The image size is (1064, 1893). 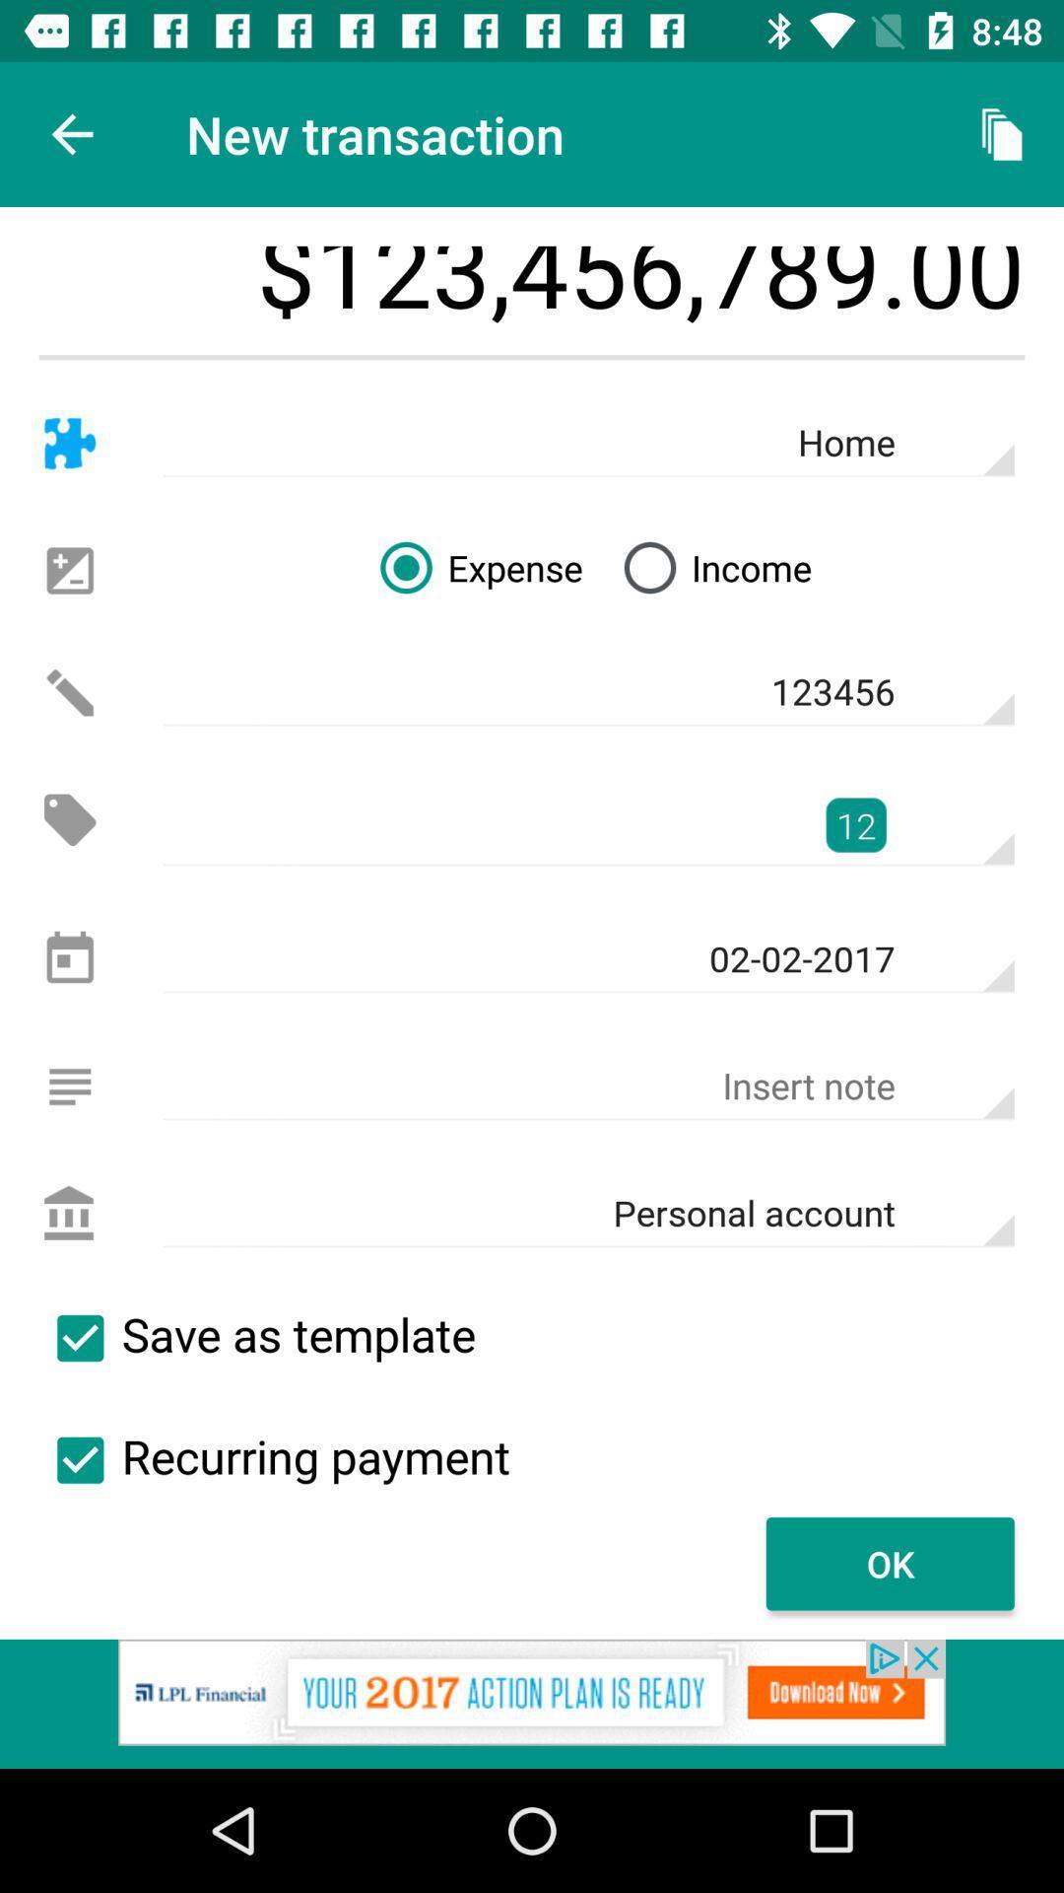 I want to click on open an advertisement, so click(x=532, y=1703).